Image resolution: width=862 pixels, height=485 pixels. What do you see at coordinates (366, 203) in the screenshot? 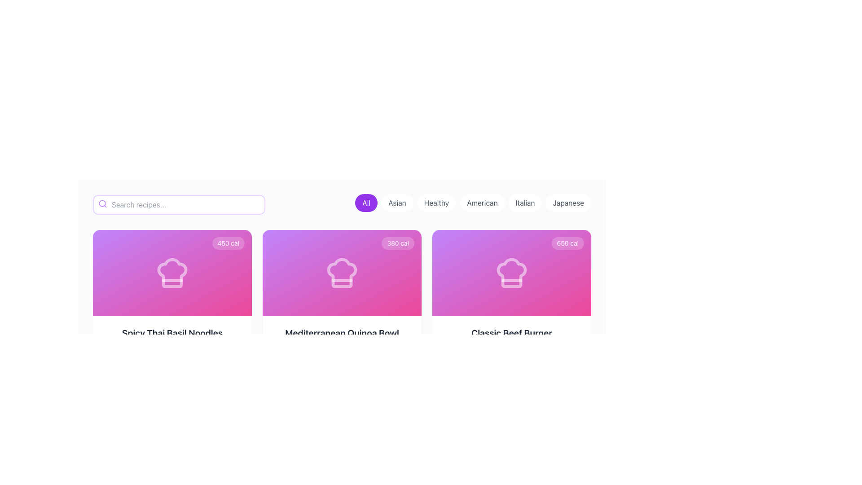
I see `the first button in the horizontal row of category buttons` at bounding box center [366, 203].